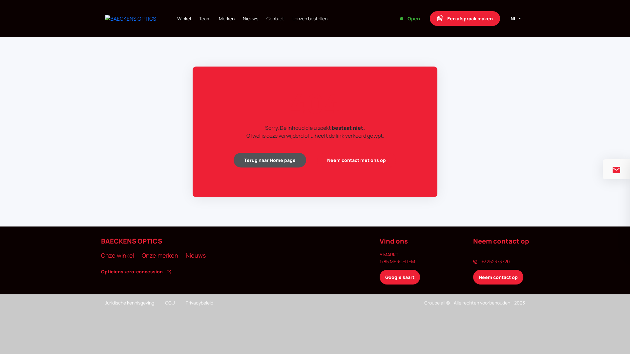 This screenshot has height=354, width=630. I want to click on 'Privacybeleid', so click(199, 303).